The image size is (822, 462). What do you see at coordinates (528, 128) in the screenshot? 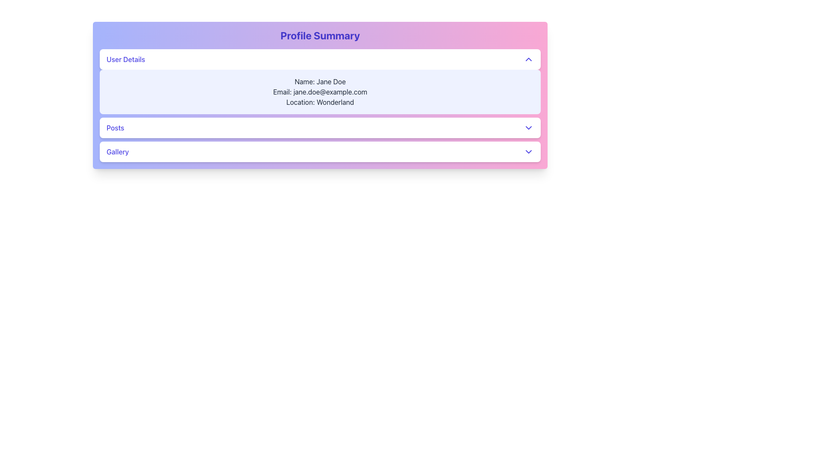
I see `the downward-pointing chevron icon, which is styled in blue and located on the far right of the 'Posts' button` at bounding box center [528, 128].